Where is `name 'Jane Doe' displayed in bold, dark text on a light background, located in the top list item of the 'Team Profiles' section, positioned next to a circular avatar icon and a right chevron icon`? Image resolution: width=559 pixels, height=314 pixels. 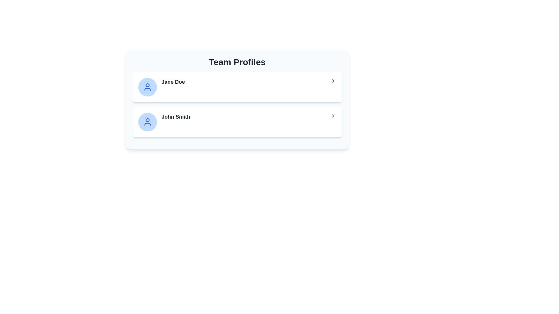 name 'Jane Doe' displayed in bold, dark text on a light background, located in the top list item of the 'Team Profiles' section, positioned next to a circular avatar icon and a right chevron icon is located at coordinates (173, 82).